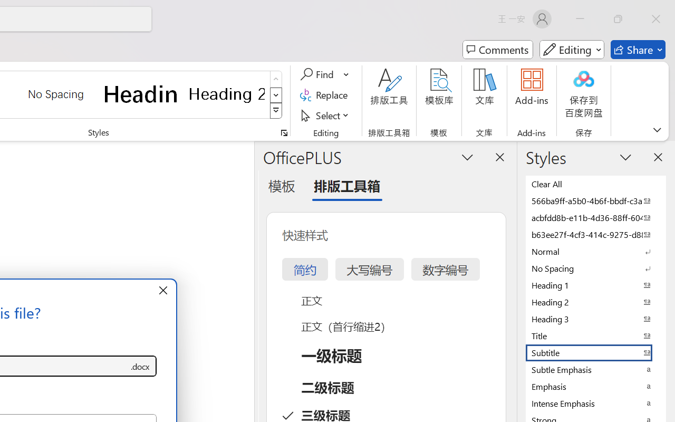  What do you see at coordinates (141, 93) in the screenshot?
I see `'Heading 1'` at bounding box center [141, 93].